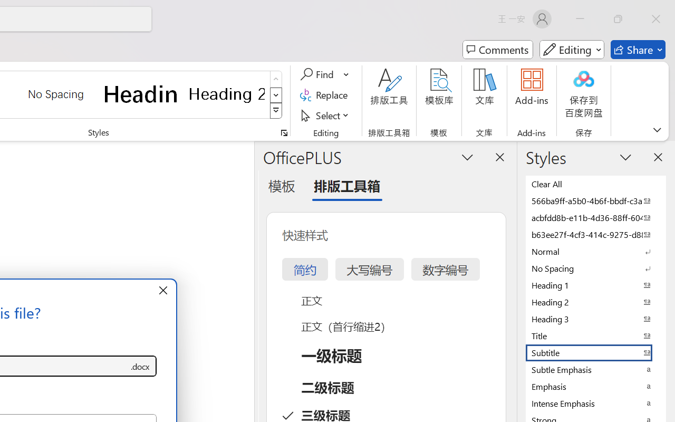  What do you see at coordinates (141, 93) in the screenshot?
I see `'Heading 1'` at bounding box center [141, 93].